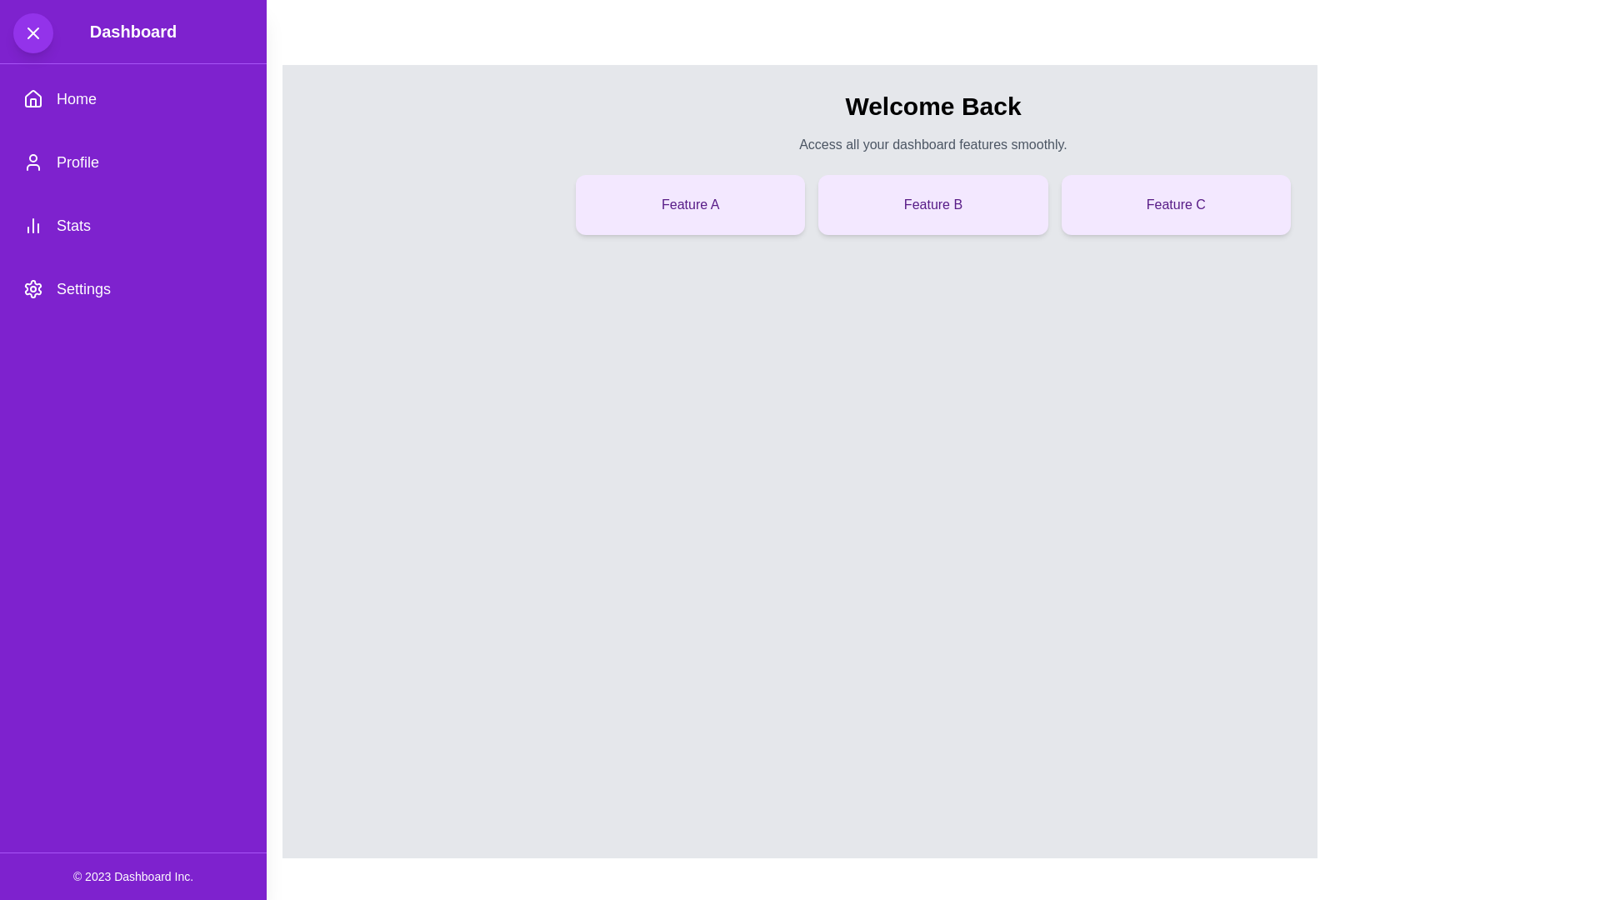 Image resolution: width=1600 pixels, height=900 pixels. What do you see at coordinates (32, 32) in the screenshot?
I see `the close icon located near the top of the sidebar adjacent to the text 'Dashboard'` at bounding box center [32, 32].